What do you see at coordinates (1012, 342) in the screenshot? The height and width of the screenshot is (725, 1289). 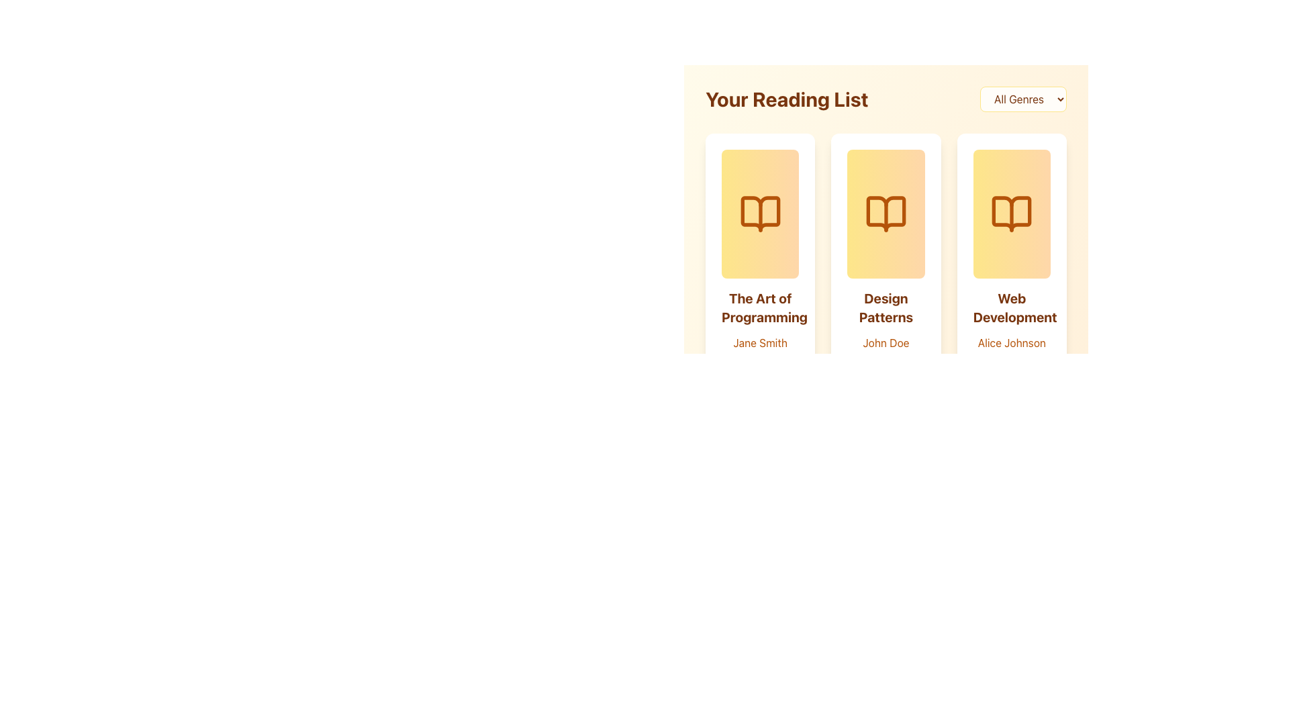 I see `the text label displaying 'Alice Johnson' in amber color, located under 'Your Reading List' heading and above time and rating values` at bounding box center [1012, 342].